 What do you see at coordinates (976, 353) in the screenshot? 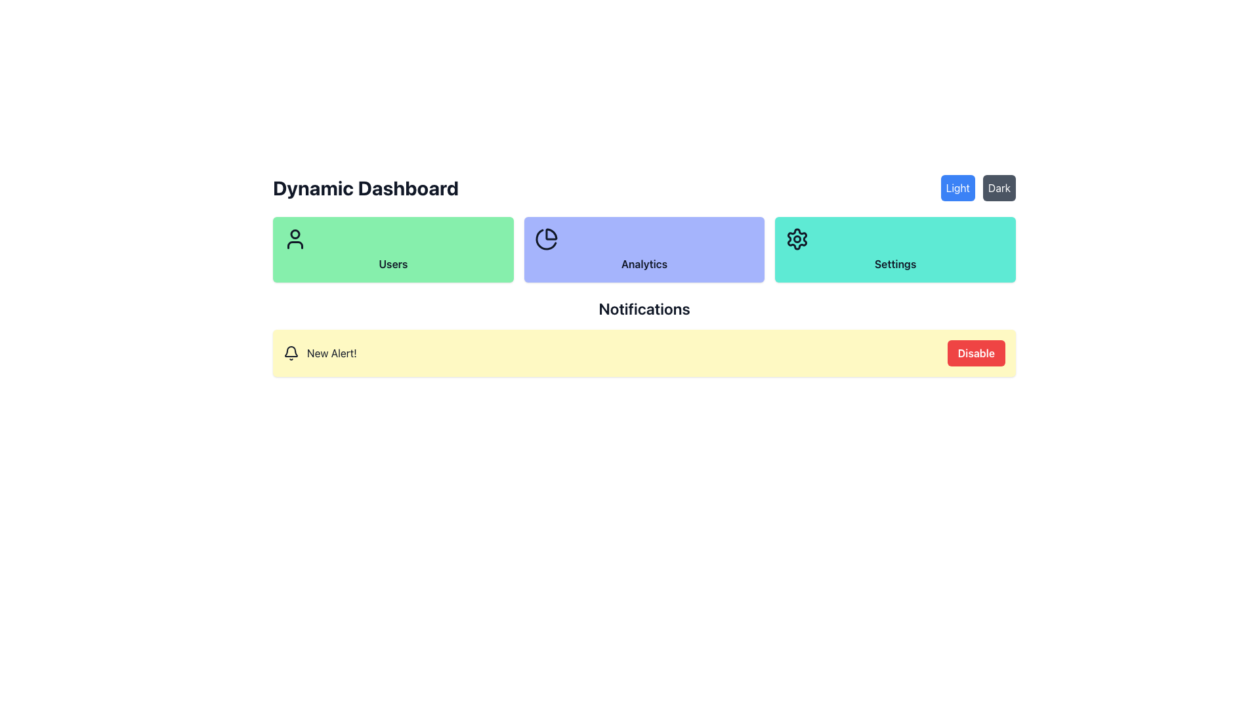
I see `the 'Disable' button, which is a prominent red button with white text, located on the far-right of the alert notification bar with a pale-yellow background` at bounding box center [976, 353].